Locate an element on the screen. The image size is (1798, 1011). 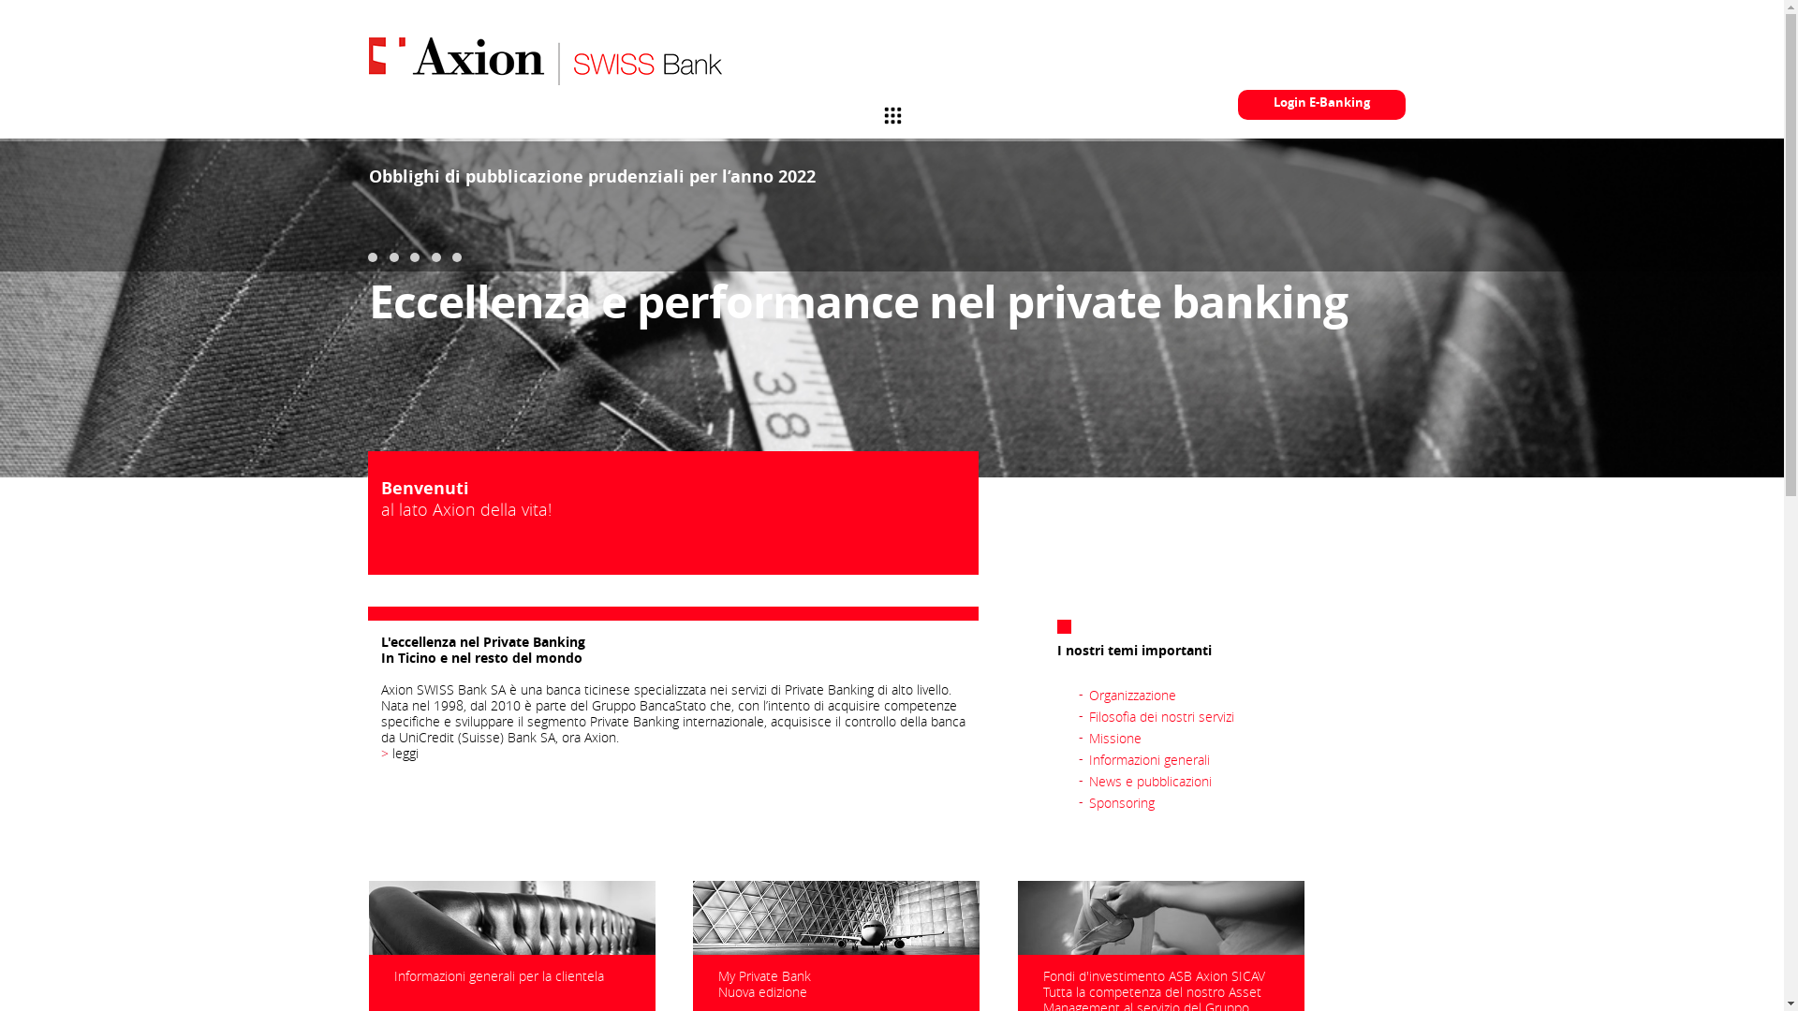
'Missione' is located at coordinates (1114, 737).